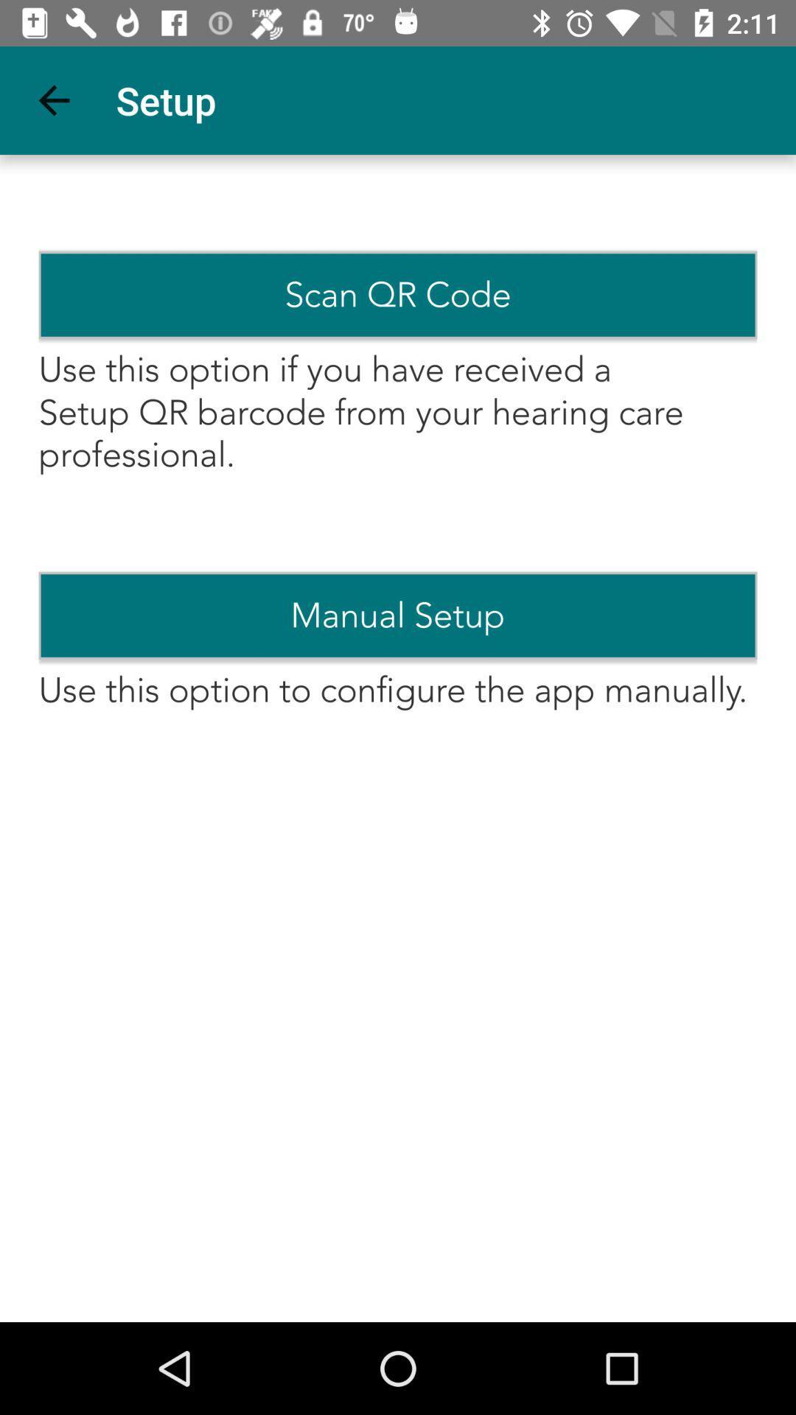  What do you see at coordinates (398, 295) in the screenshot?
I see `the item above the use this option` at bounding box center [398, 295].